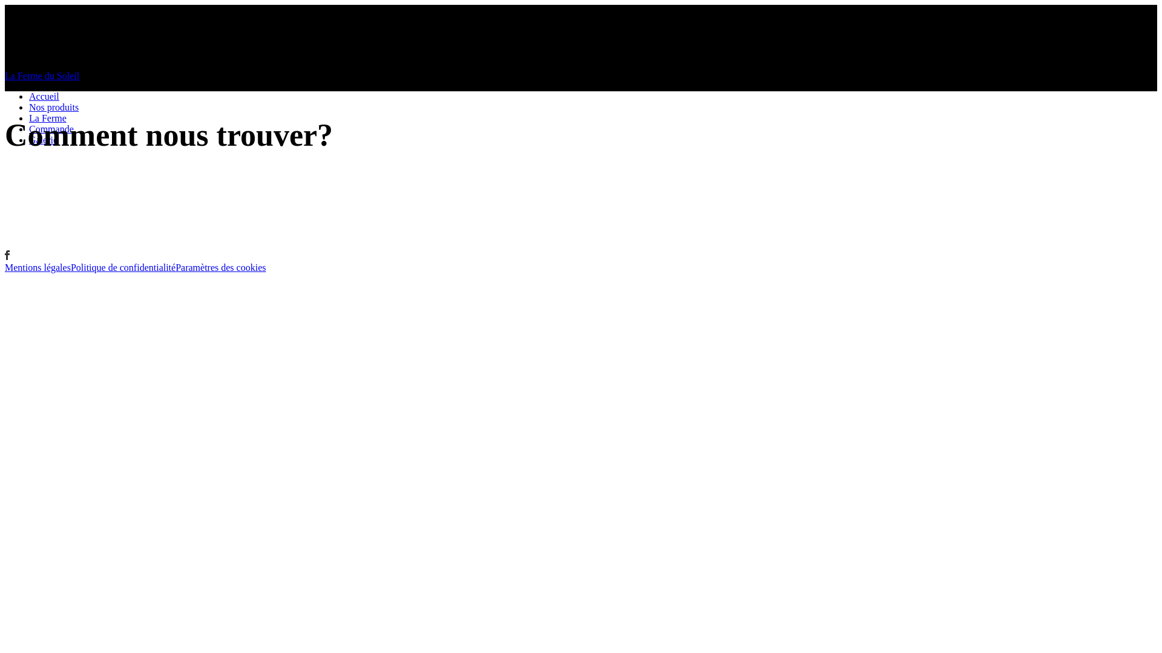 The image size is (1162, 653). I want to click on 'La Ferme', so click(29, 118).